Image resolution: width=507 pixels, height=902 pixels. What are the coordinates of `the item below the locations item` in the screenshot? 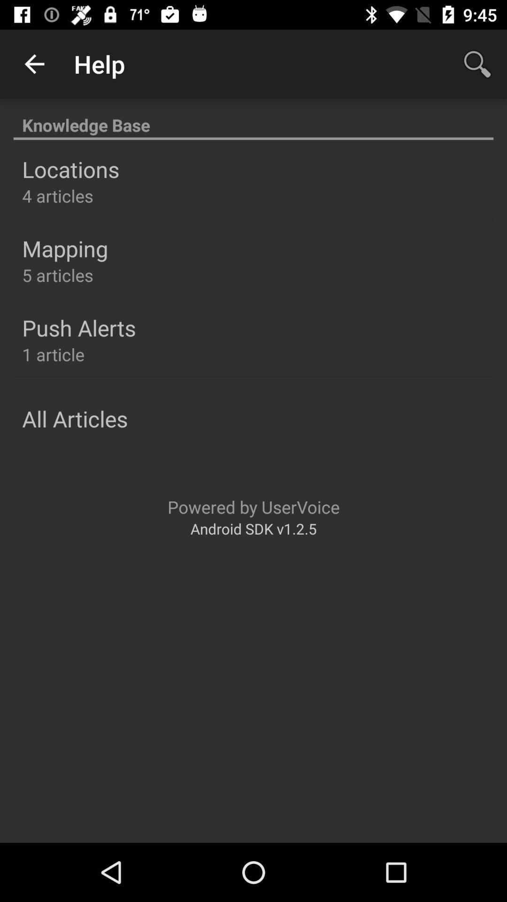 It's located at (58, 195).